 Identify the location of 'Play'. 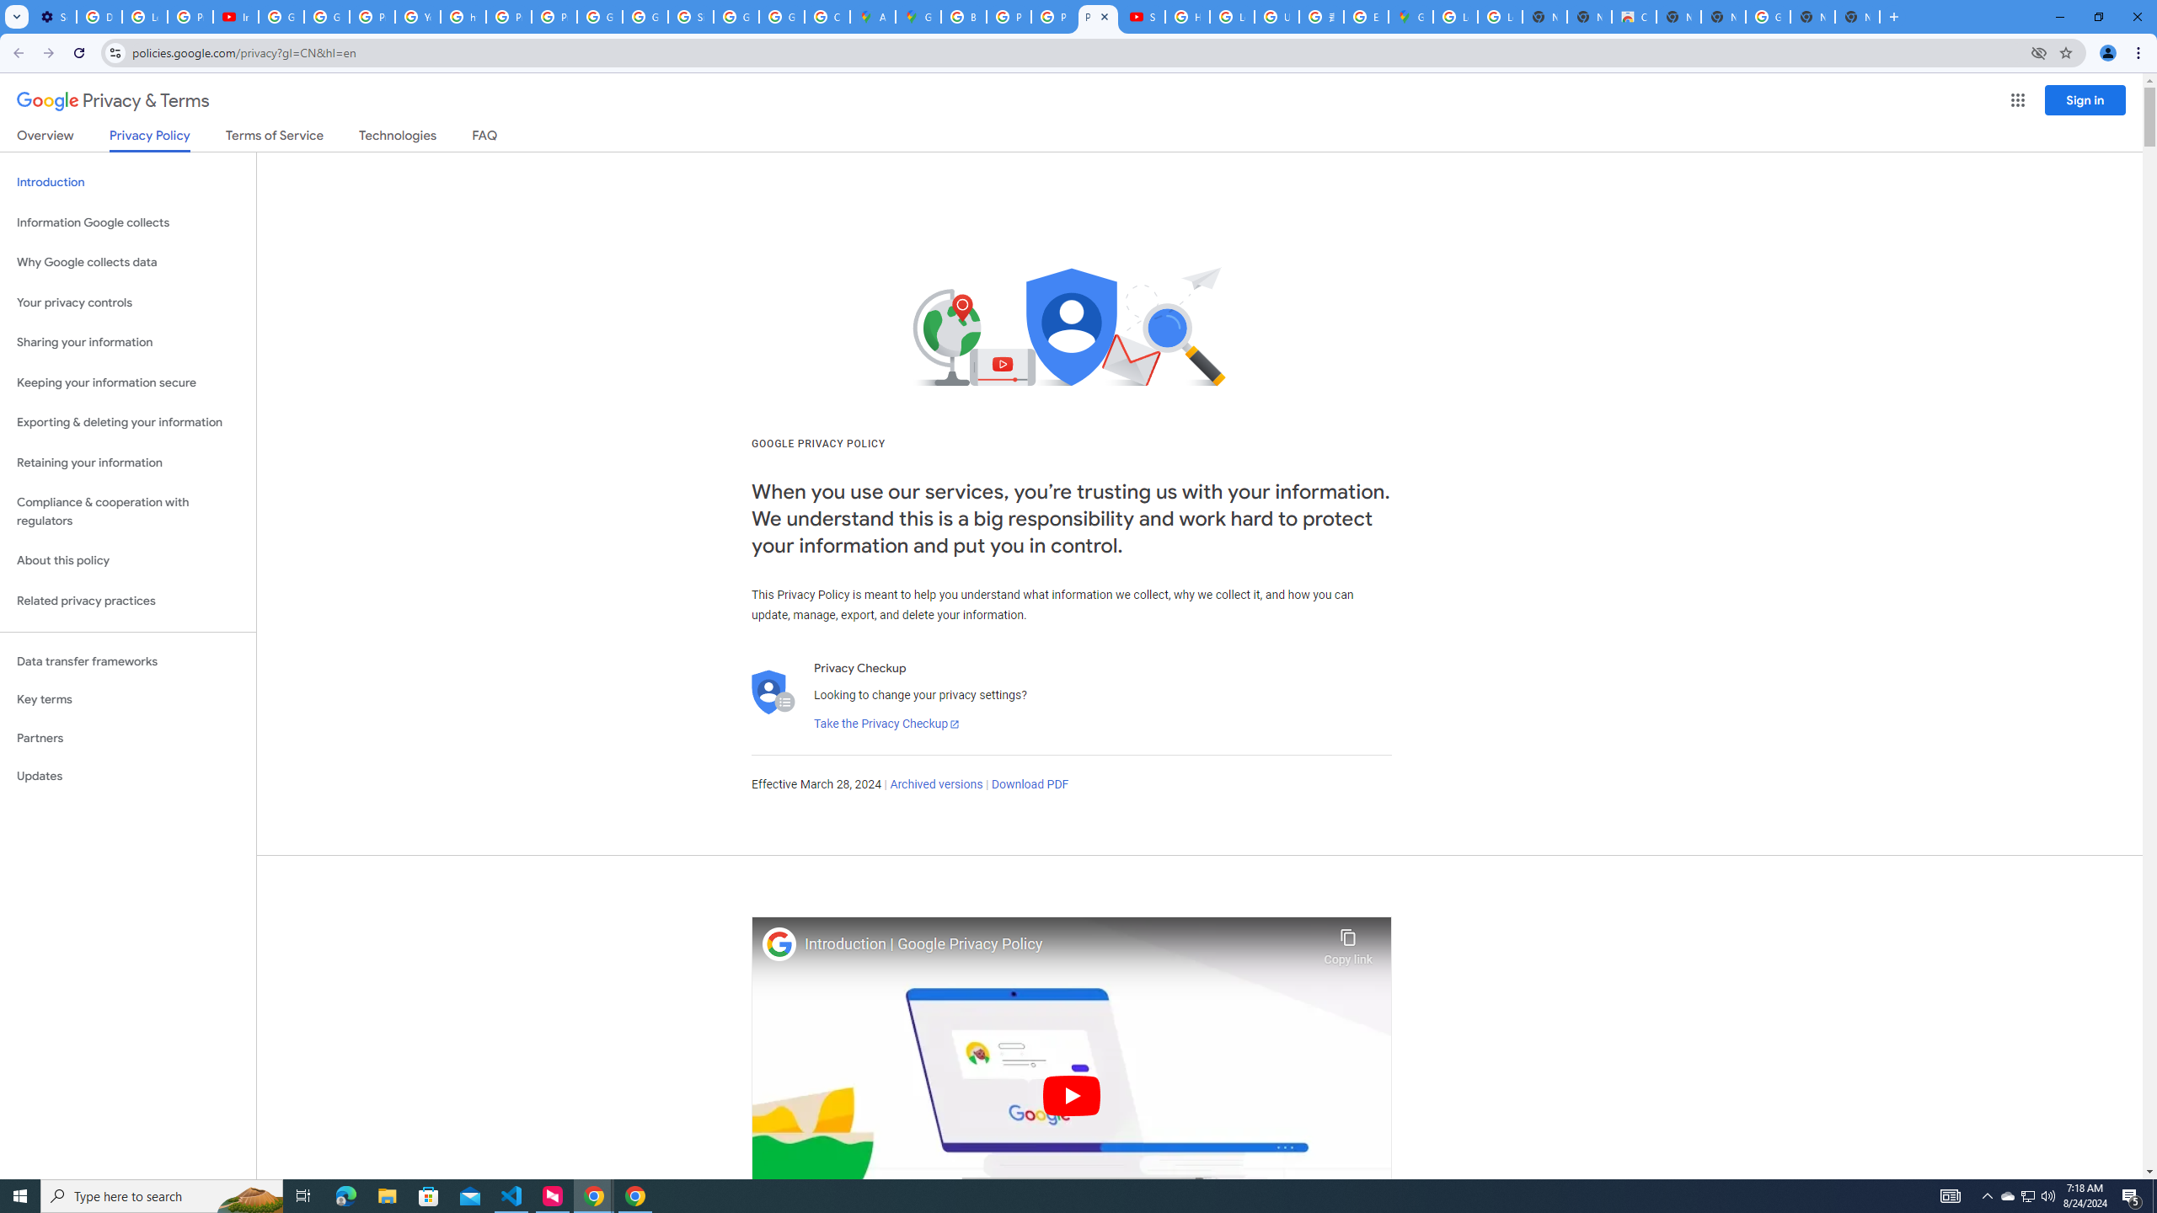
(1071, 1094).